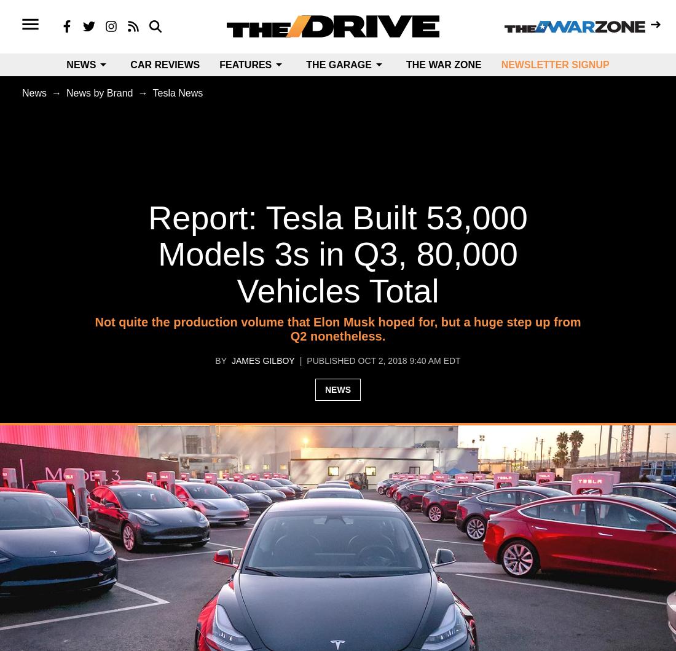  What do you see at coordinates (337, 253) in the screenshot?
I see `'Report: Tesla Built 53,000 Models 3s in Q3, 80,000 Vehicles Total'` at bounding box center [337, 253].